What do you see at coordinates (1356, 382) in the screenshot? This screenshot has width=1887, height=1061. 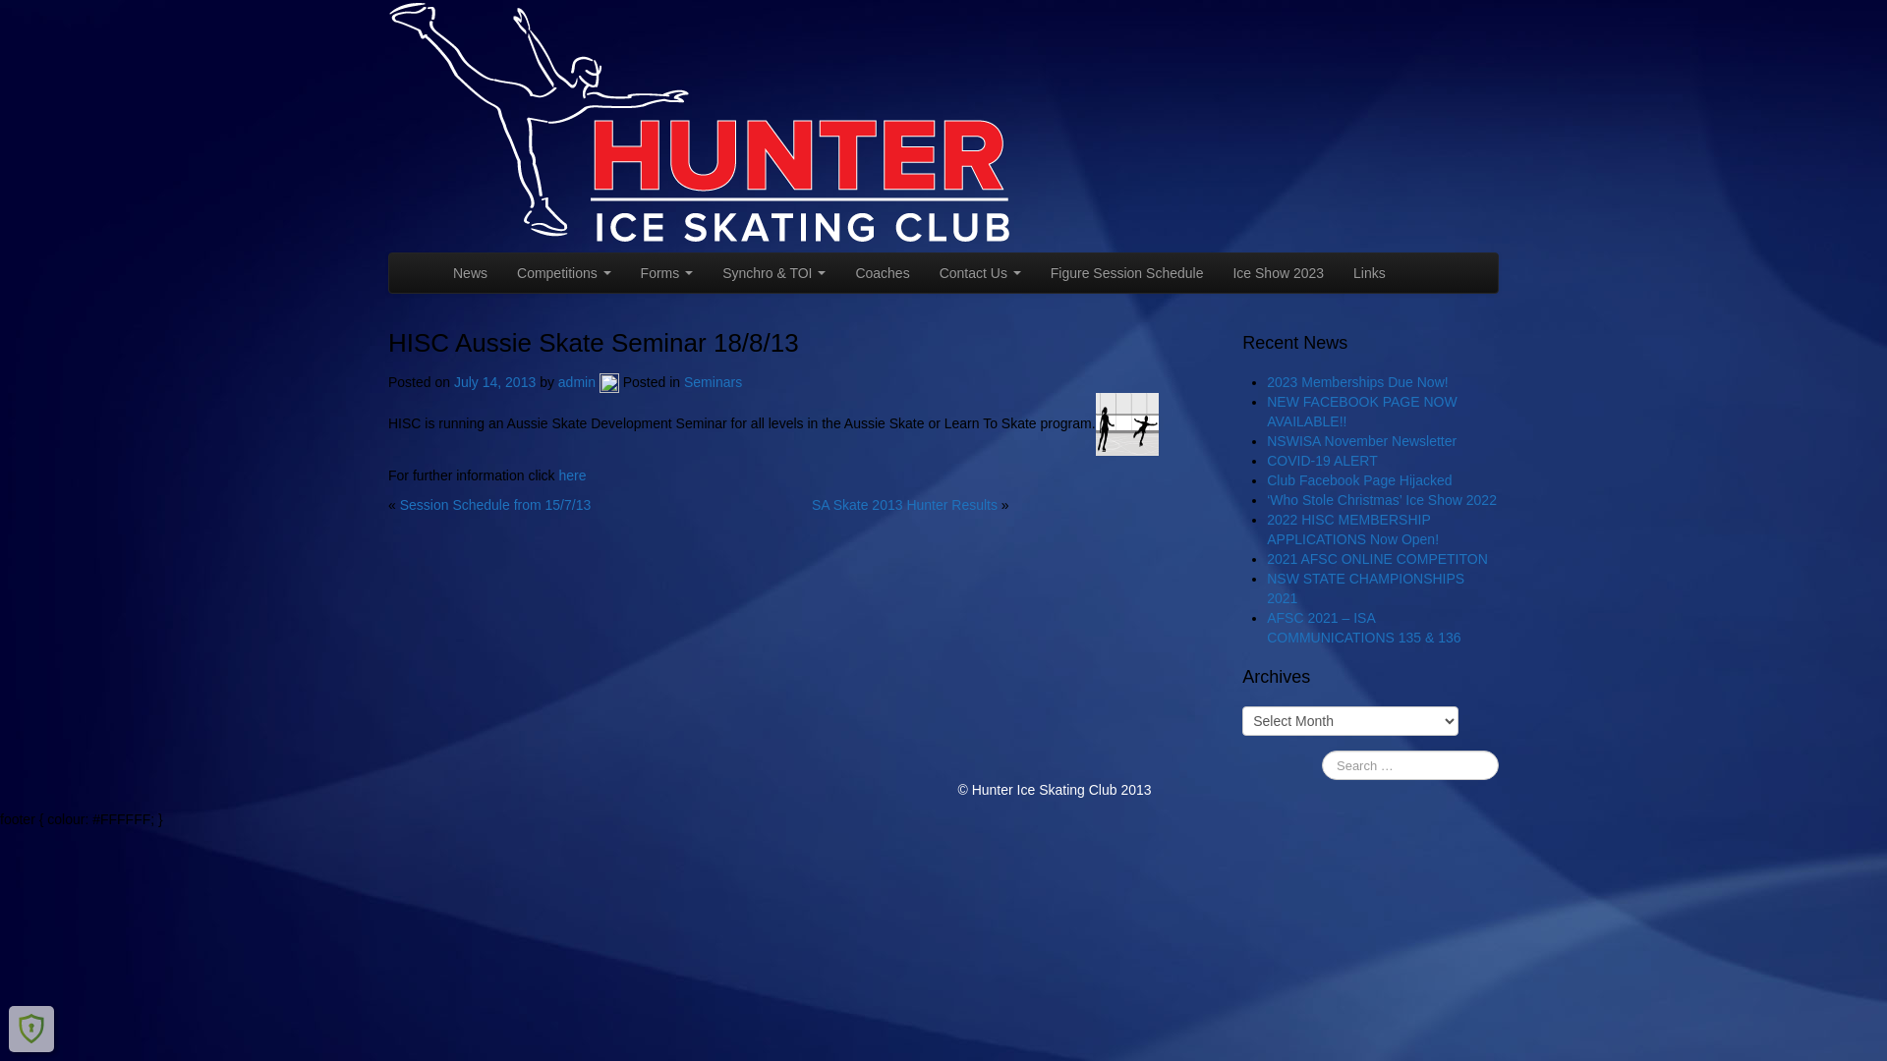 I see `'2023 Memberships Due Now!'` at bounding box center [1356, 382].